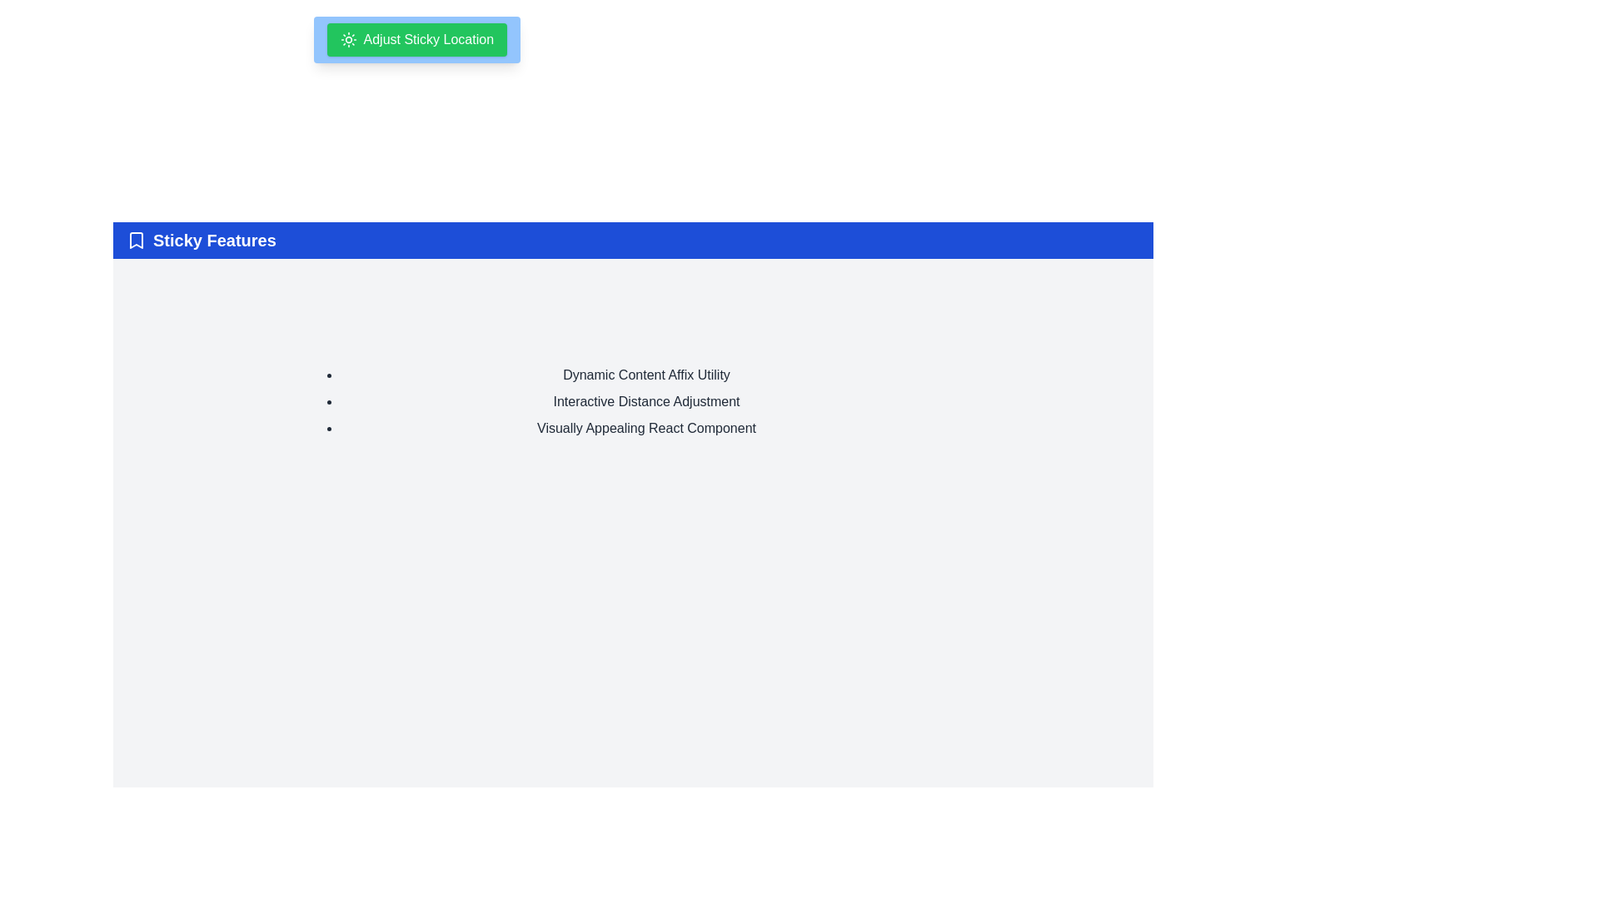 This screenshot has width=1599, height=899. What do you see at coordinates (645, 375) in the screenshot?
I see `the first list item labeled 'Dynamic Content Affix Utility'` at bounding box center [645, 375].